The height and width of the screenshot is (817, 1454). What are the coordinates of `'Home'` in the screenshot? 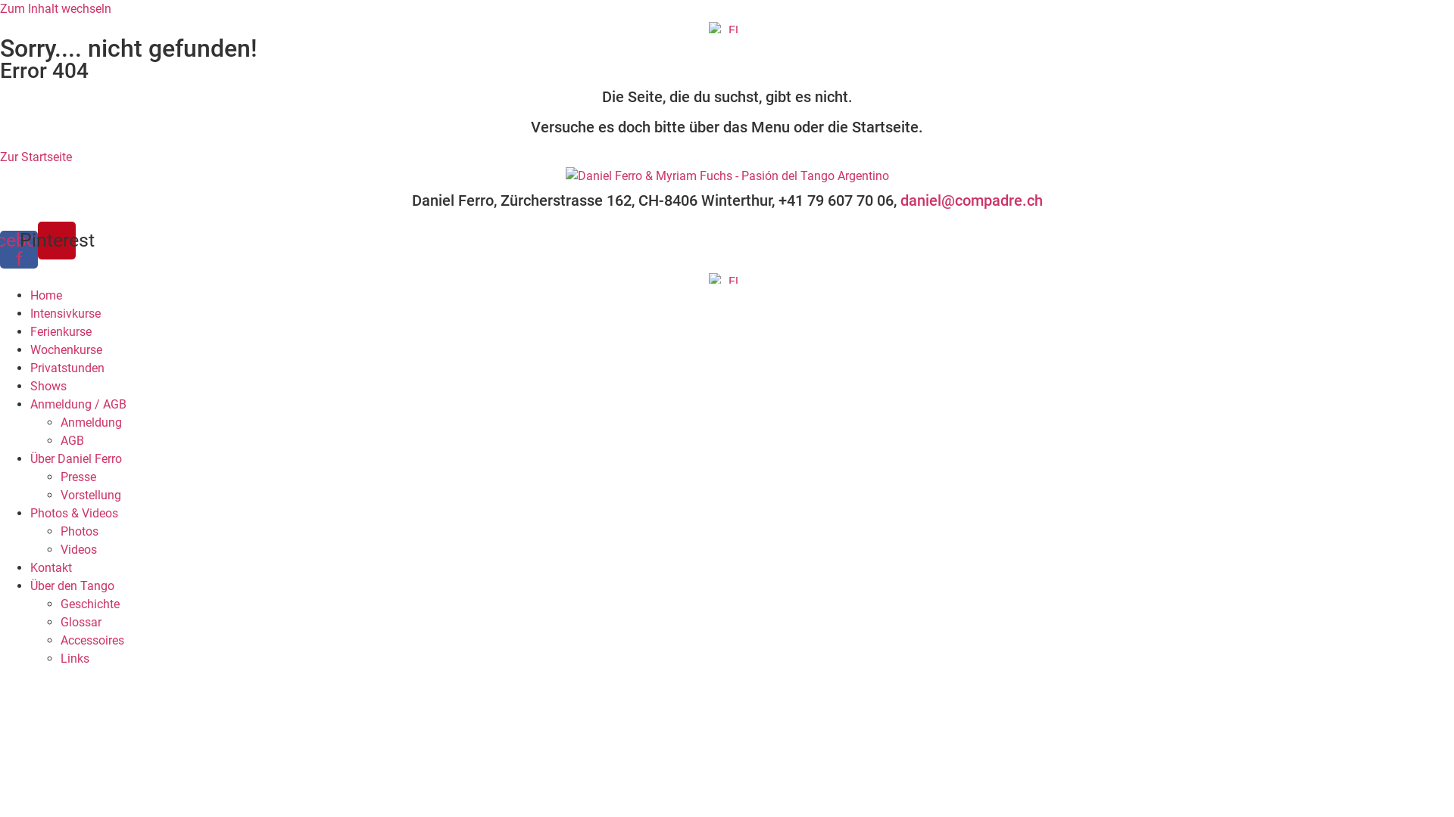 It's located at (46, 295).